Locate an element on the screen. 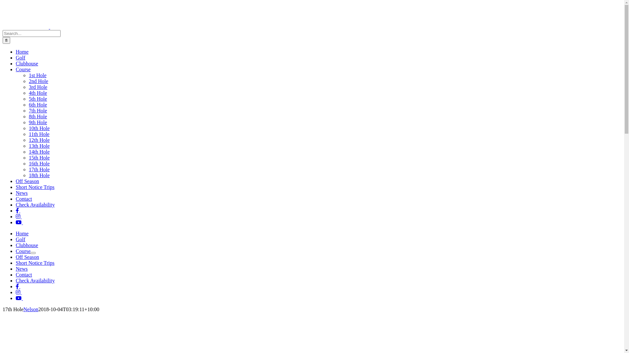 Image resolution: width=629 pixels, height=353 pixels. '6th Hole' is located at coordinates (37, 104).